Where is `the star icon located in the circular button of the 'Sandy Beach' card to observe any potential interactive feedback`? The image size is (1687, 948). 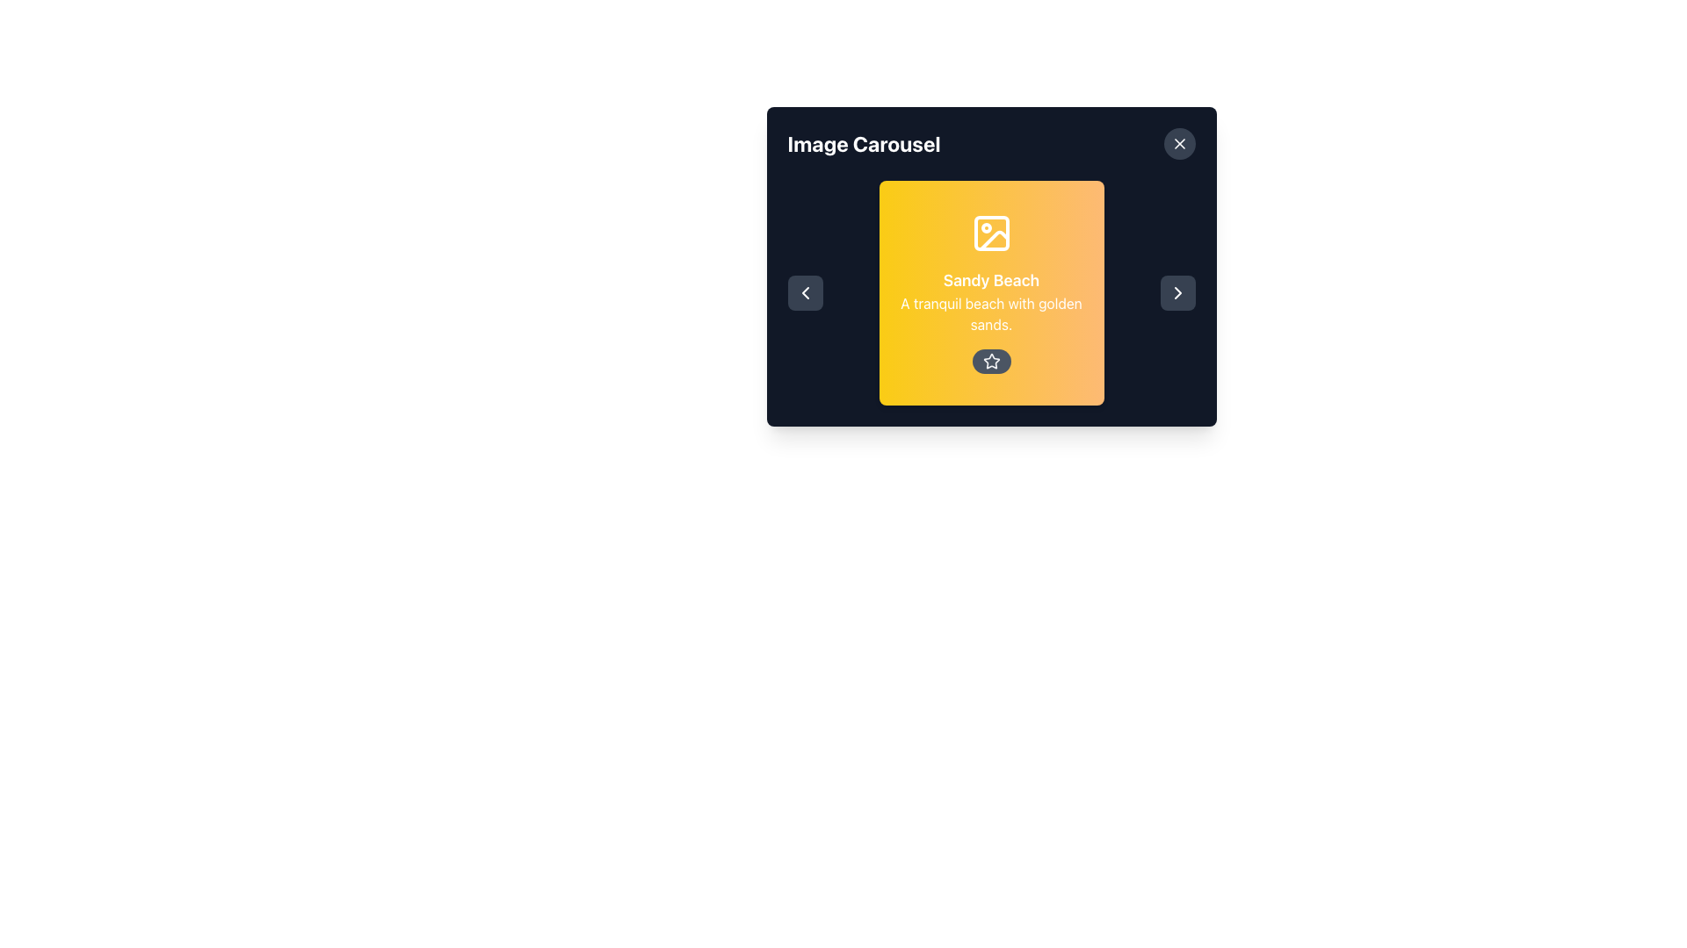
the star icon located in the circular button of the 'Sandy Beach' card to observe any potential interactive feedback is located at coordinates (991, 361).